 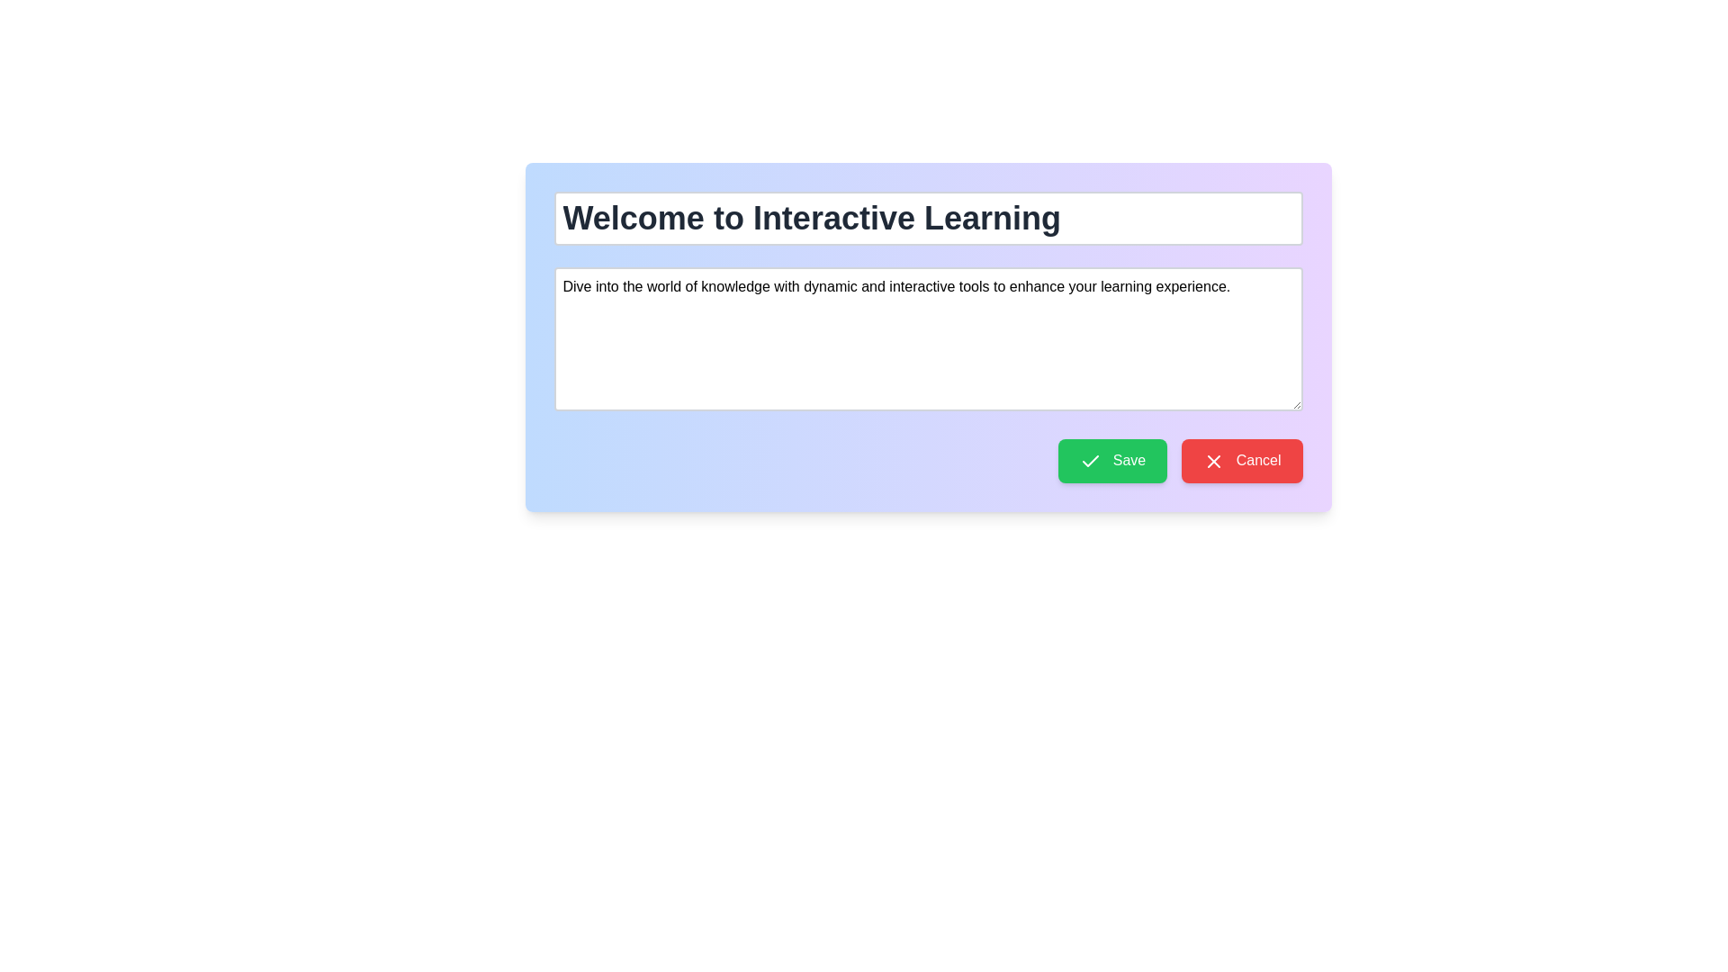 I want to click on cancellation icon located to the left of the 'Cancel' text on the red button in the bottom-right section of the interface, so click(x=1214, y=460).